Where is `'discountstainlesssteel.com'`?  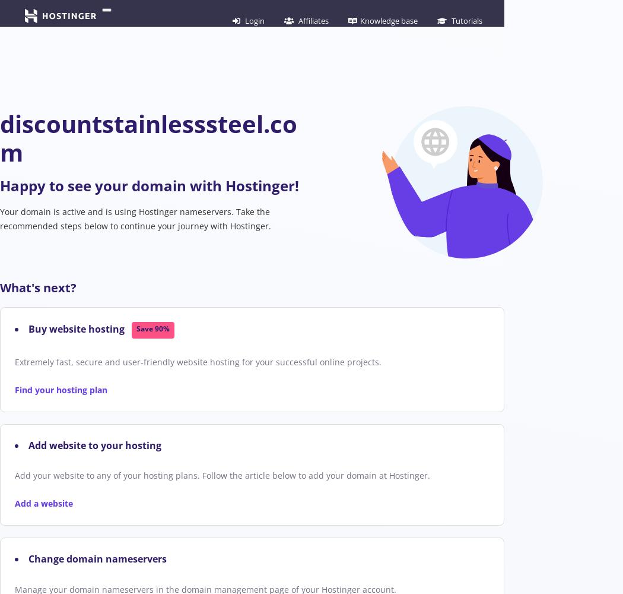 'discountstainlesssteel.com' is located at coordinates (148, 137).